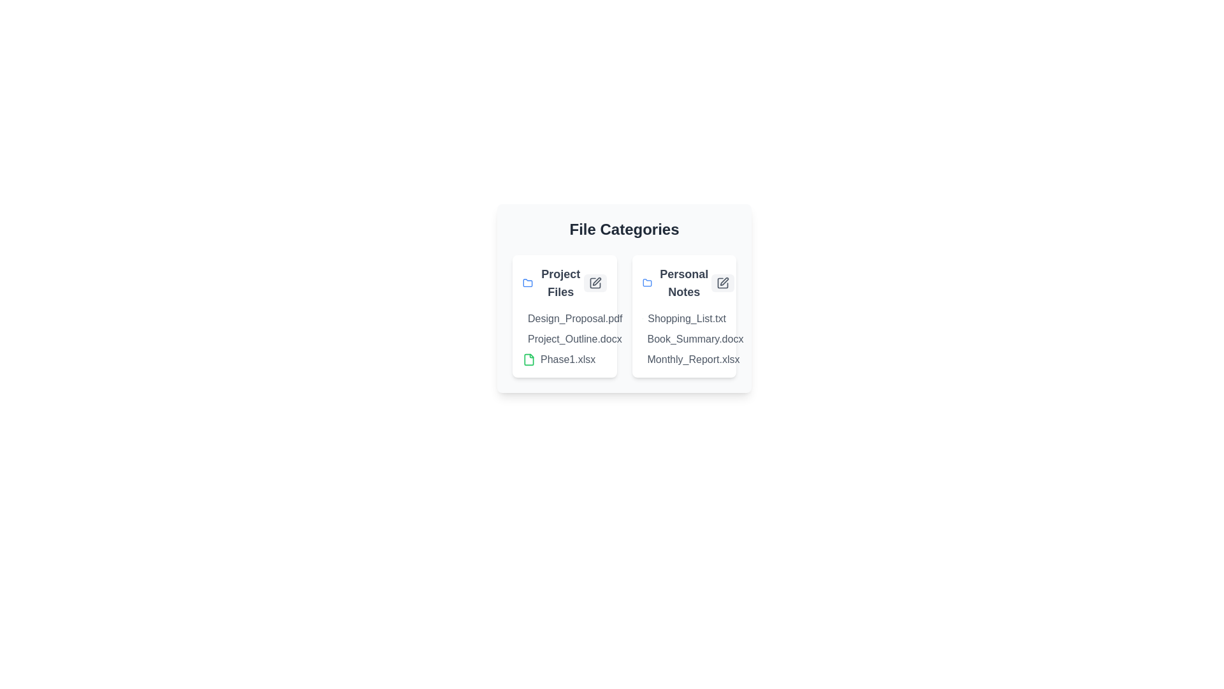 The image size is (1224, 689). What do you see at coordinates (523, 359) in the screenshot?
I see `the text of the document named Phase1.xlsx in the list` at bounding box center [523, 359].